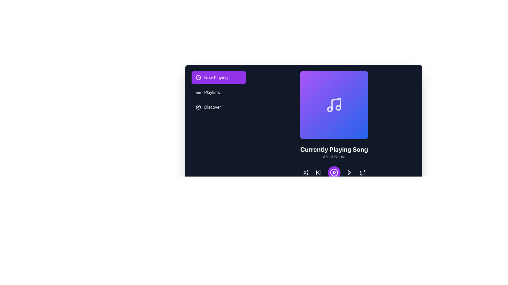 This screenshot has width=508, height=285. I want to click on the second button in the vertical navigation bar, so click(219, 92).